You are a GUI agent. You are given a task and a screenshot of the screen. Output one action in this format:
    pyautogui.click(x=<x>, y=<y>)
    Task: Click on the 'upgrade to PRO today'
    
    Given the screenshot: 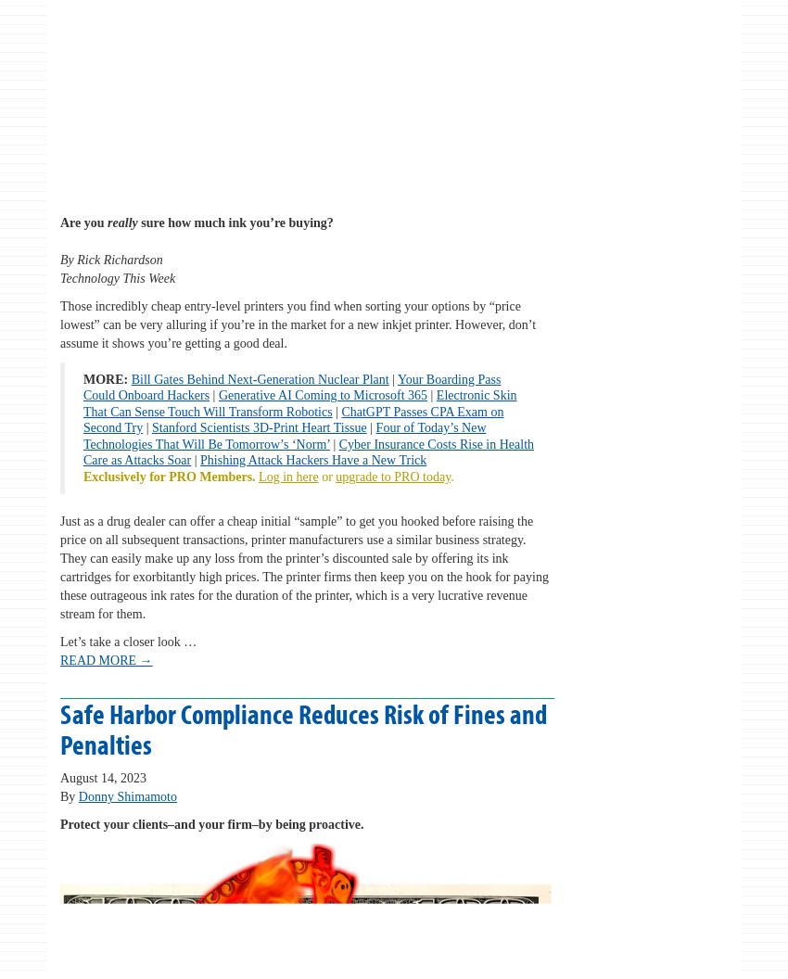 What is the action you would take?
    pyautogui.click(x=392, y=475)
    